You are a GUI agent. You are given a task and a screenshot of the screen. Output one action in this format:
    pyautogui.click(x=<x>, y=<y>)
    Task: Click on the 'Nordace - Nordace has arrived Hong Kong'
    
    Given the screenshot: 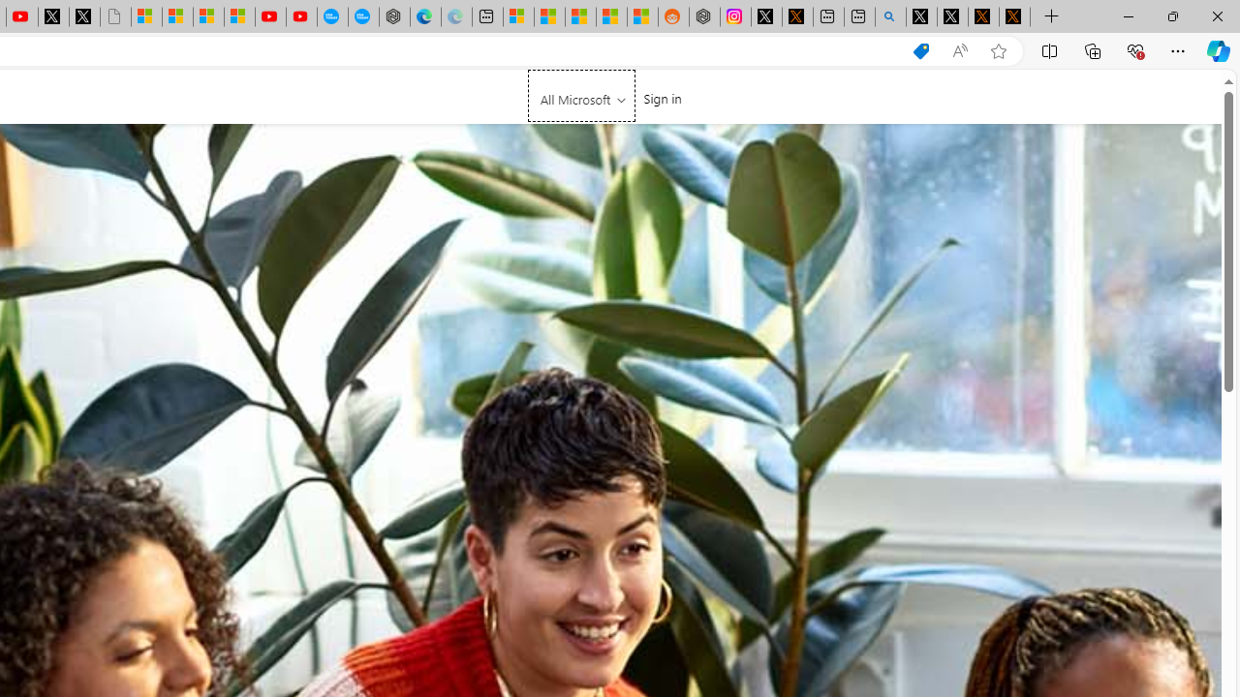 What is the action you would take?
    pyautogui.click(x=393, y=16)
    